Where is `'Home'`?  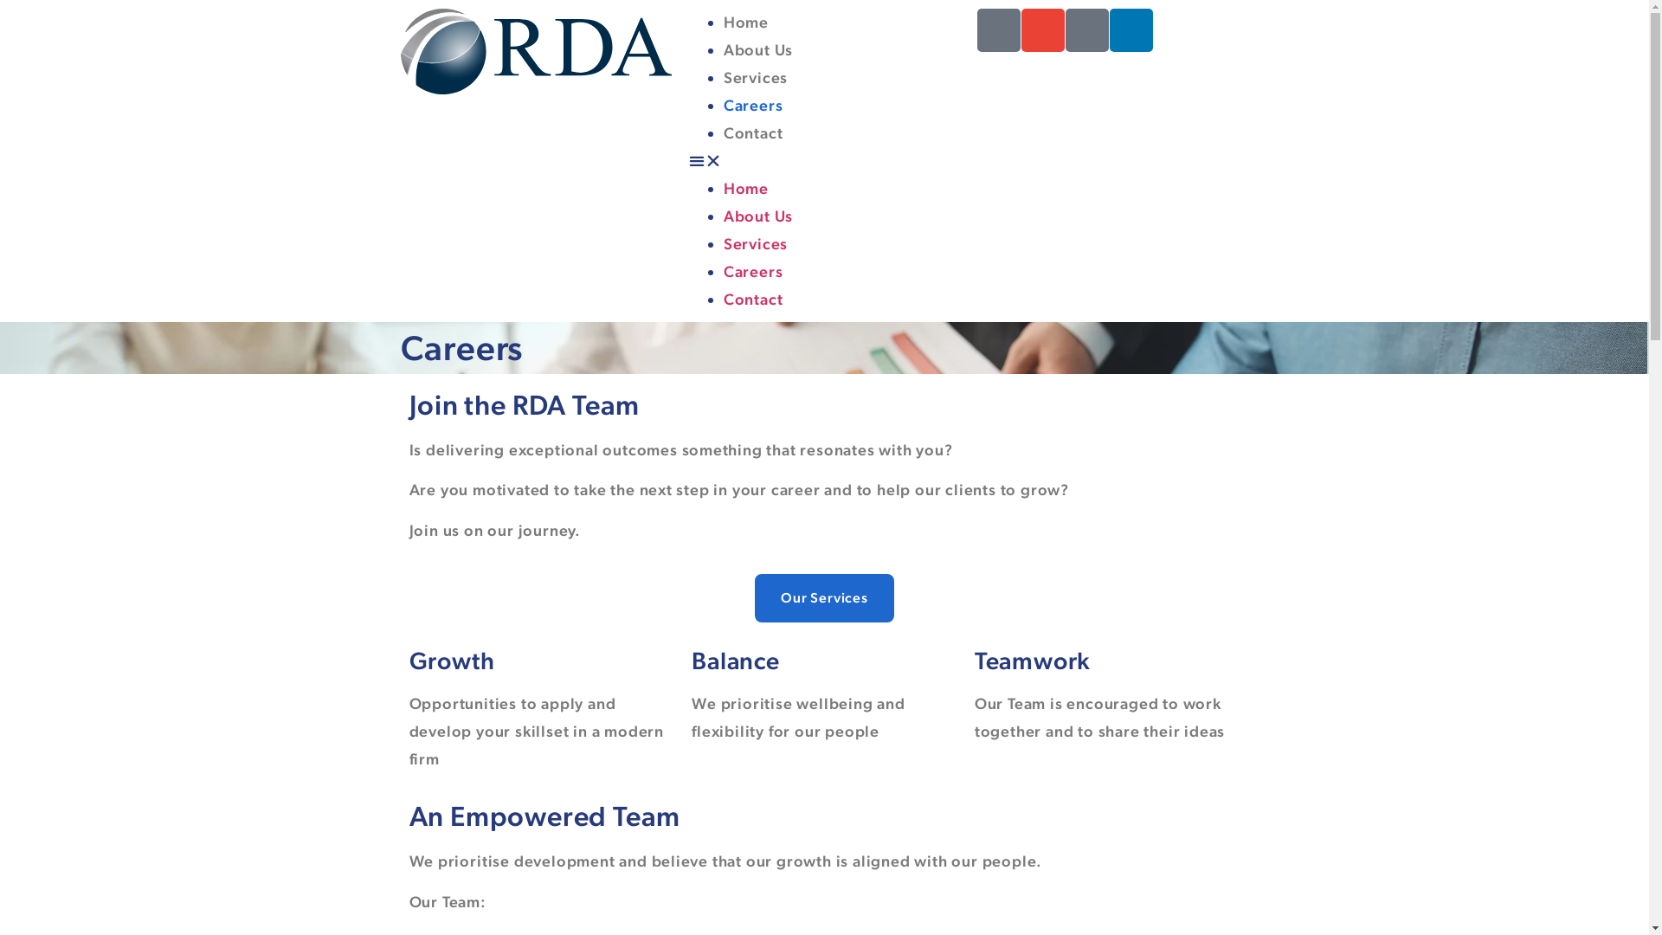 'Home' is located at coordinates (746, 188).